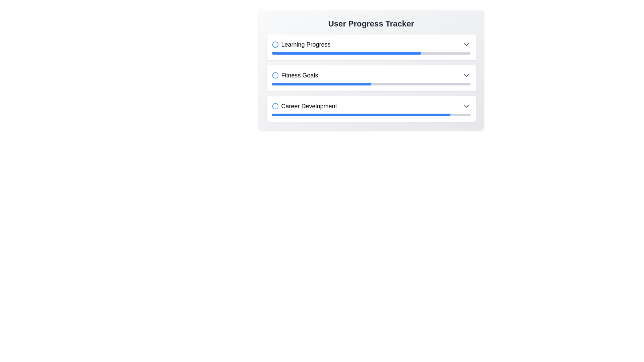 The height and width of the screenshot is (362, 644). What do you see at coordinates (275, 106) in the screenshot?
I see `the blue circular icon representing the 'Career Development' status for accessibility` at bounding box center [275, 106].